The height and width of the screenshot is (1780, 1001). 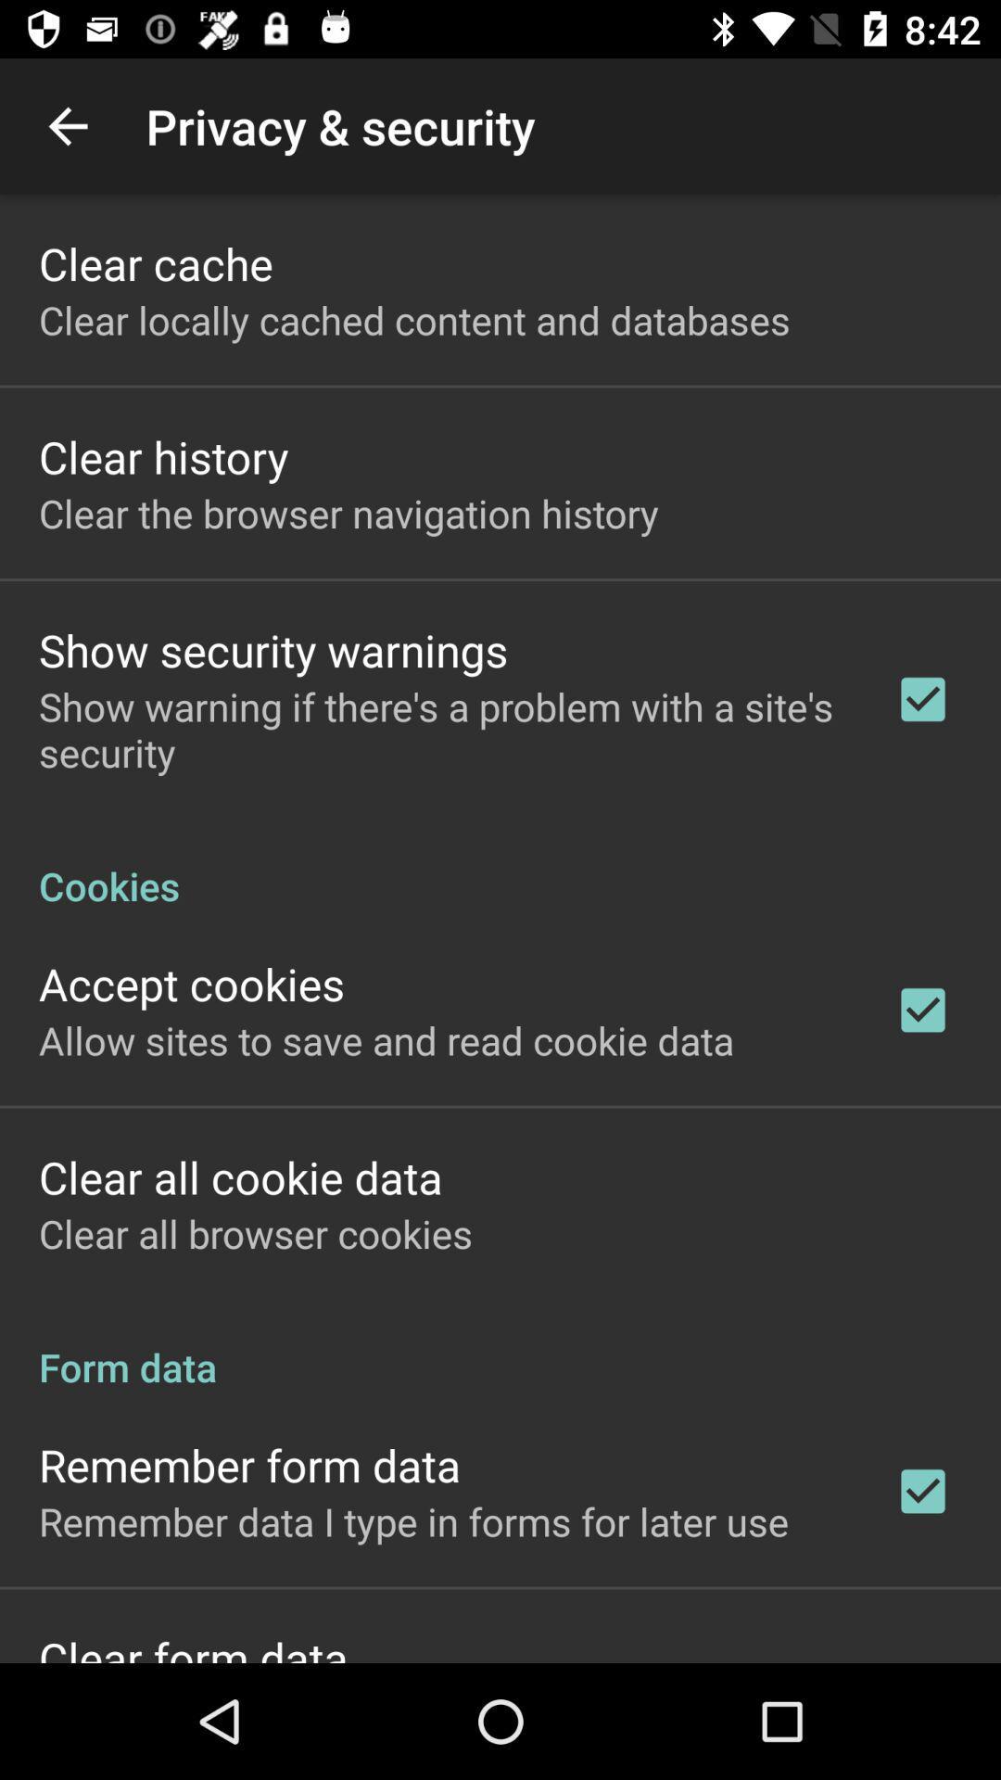 What do you see at coordinates (385, 1040) in the screenshot?
I see `the allow sites to item` at bounding box center [385, 1040].